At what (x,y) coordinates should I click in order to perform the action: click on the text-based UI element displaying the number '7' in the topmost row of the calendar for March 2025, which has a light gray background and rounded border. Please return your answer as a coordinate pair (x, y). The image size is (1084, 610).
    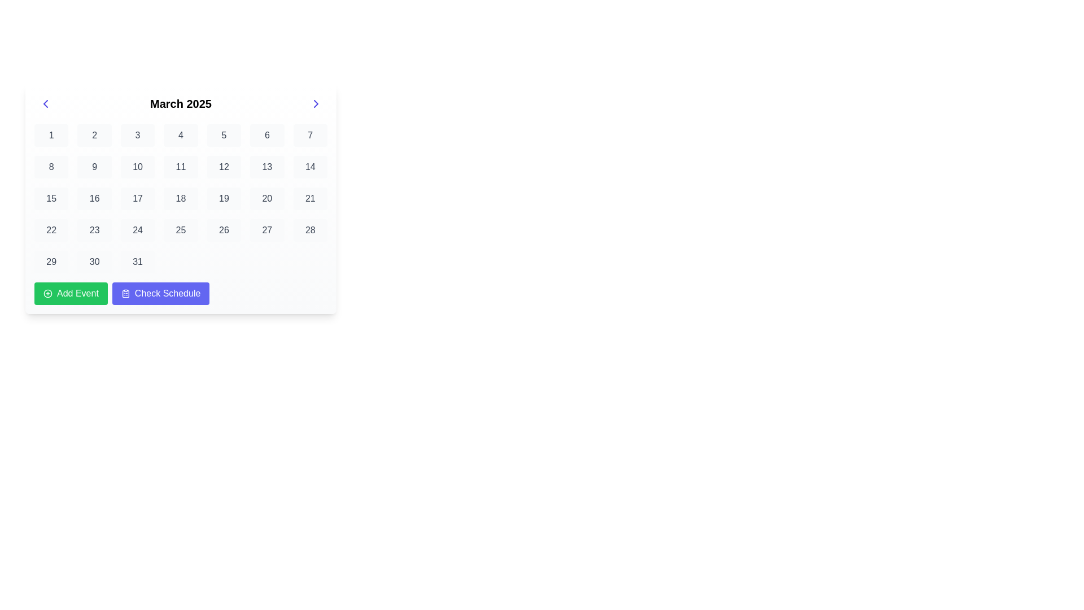
    Looking at the image, I should click on (310, 134).